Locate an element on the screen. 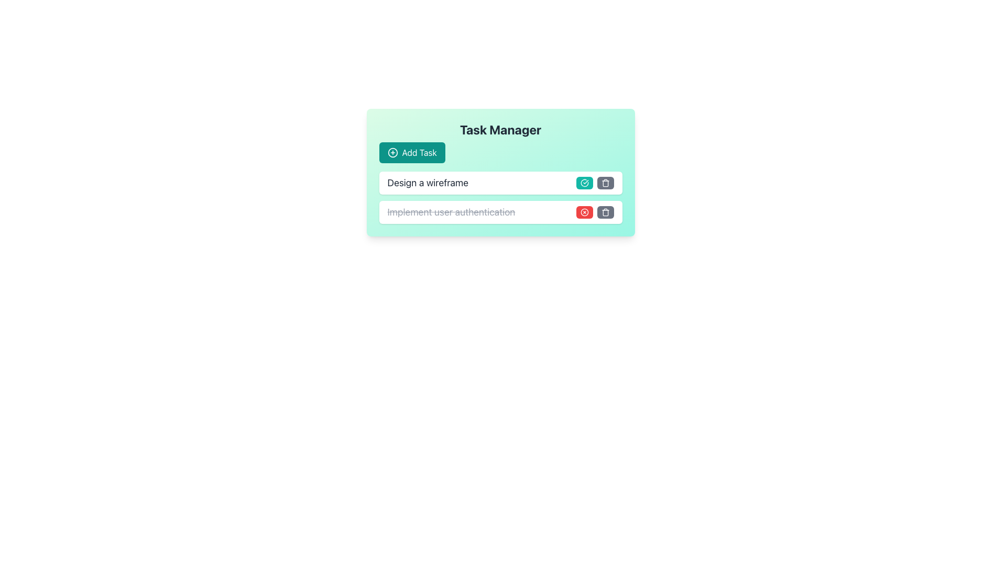 The width and height of the screenshot is (1006, 565). the cancel icon component of the button located to the right of the second task in the task list is located at coordinates (584, 212).